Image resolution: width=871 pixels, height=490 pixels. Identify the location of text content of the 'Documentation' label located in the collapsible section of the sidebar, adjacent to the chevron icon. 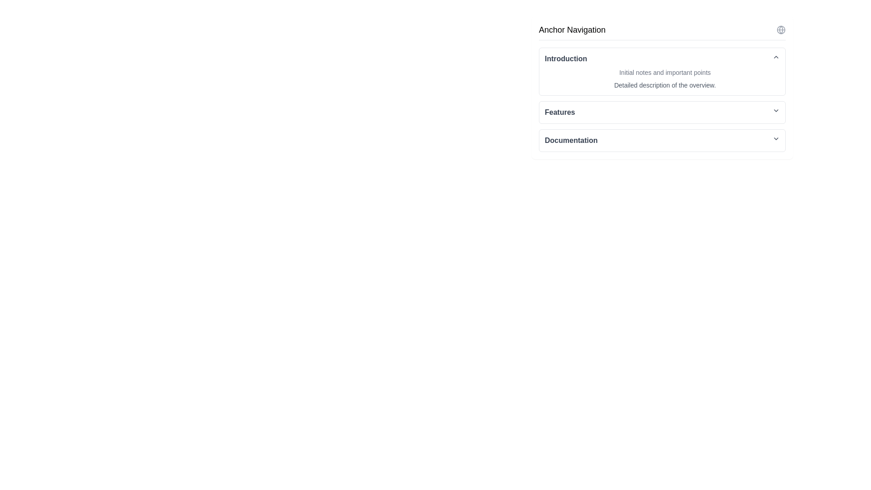
(571, 140).